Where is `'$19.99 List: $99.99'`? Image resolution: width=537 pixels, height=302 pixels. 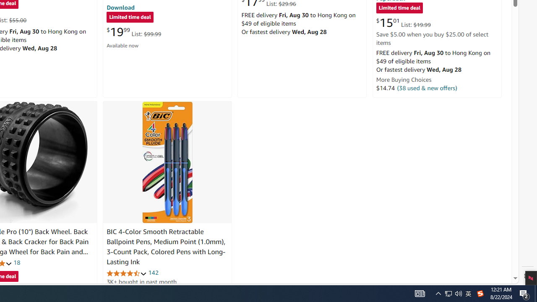 '$19.99 List: $99.99' is located at coordinates (133, 31).